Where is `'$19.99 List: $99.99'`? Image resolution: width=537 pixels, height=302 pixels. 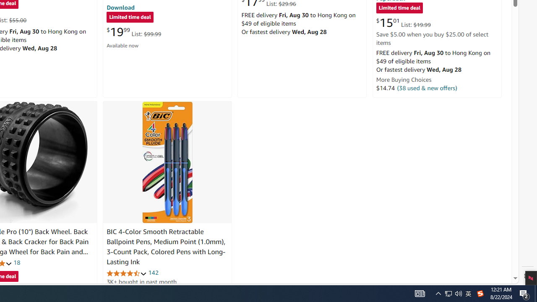 '$19.99 List: $99.99' is located at coordinates (133, 31).